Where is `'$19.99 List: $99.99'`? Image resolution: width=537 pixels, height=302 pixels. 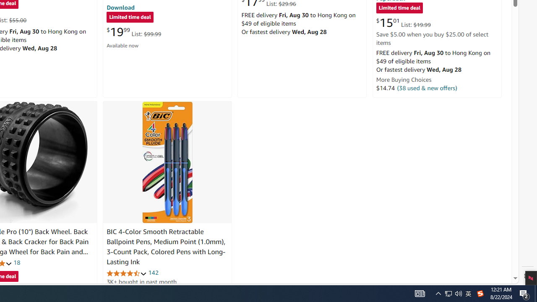 '$19.99 List: $99.99' is located at coordinates (133, 31).